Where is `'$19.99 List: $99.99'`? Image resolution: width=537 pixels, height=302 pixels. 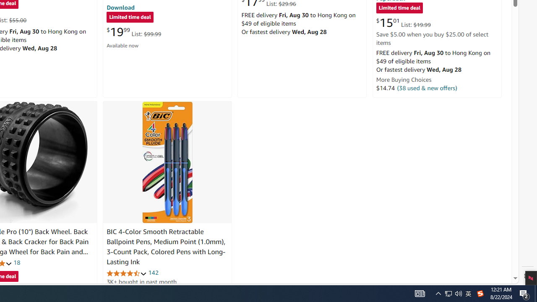 '$19.99 List: $99.99' is located at coordinates (133, 31).